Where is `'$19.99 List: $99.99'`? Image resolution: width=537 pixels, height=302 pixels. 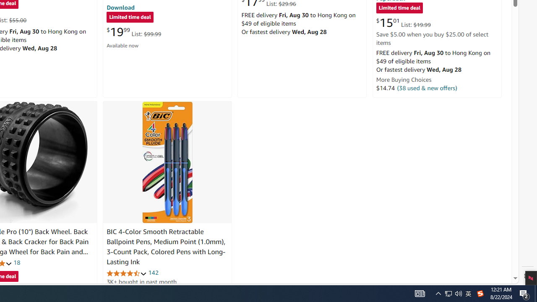 '$19.99 List: $99.99' is located at coordinates (133, 31).